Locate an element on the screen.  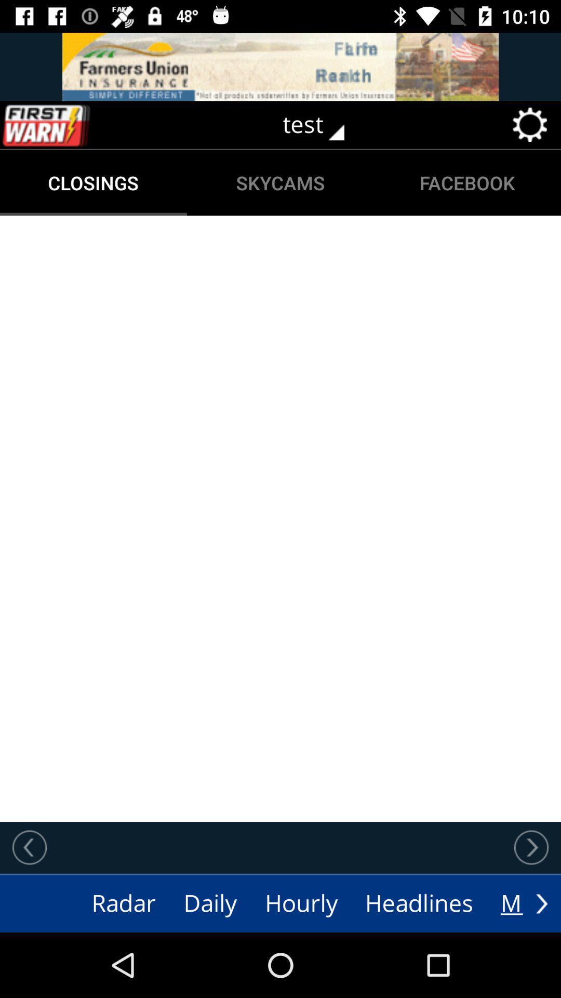
a funcionalidade desta funo possibilita avanar is located at coordinates (531, 847).